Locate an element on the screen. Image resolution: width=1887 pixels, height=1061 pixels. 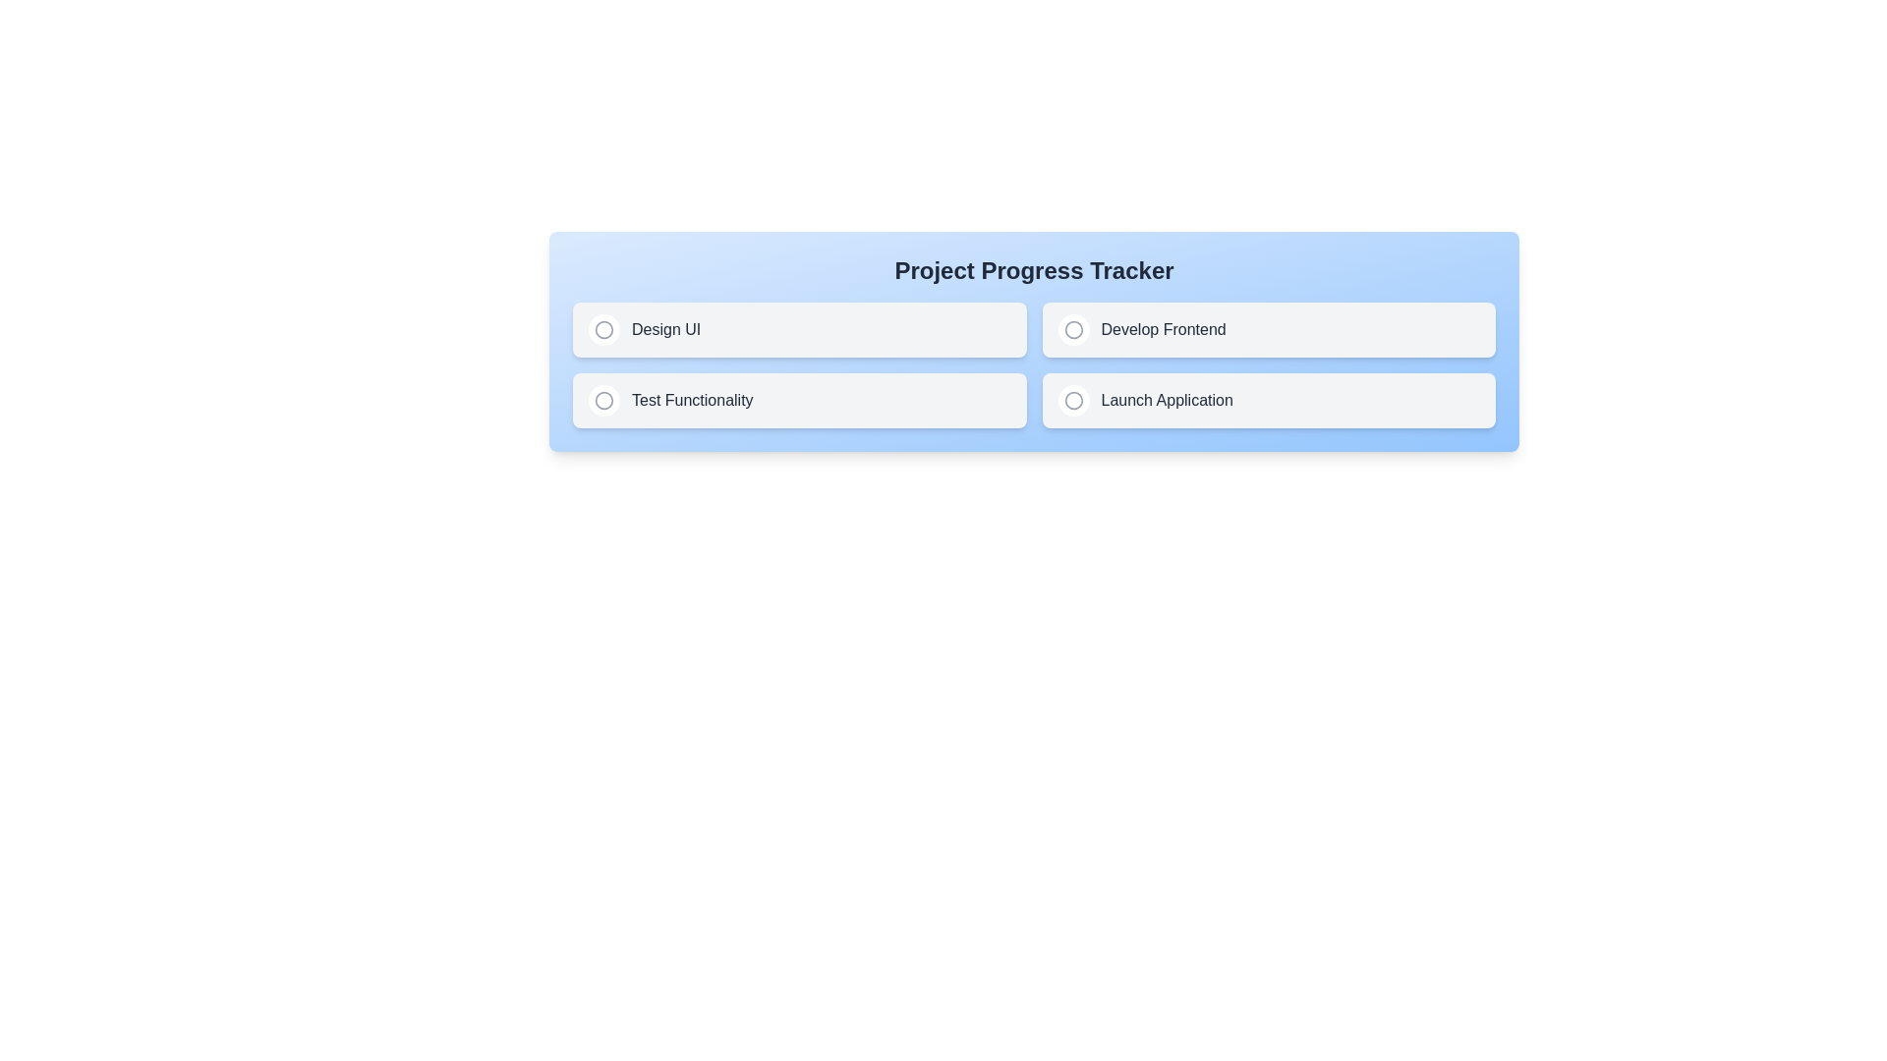
the task chip labeled 'Design UI' to toggle its completion state is located at coordinates (799, 328).